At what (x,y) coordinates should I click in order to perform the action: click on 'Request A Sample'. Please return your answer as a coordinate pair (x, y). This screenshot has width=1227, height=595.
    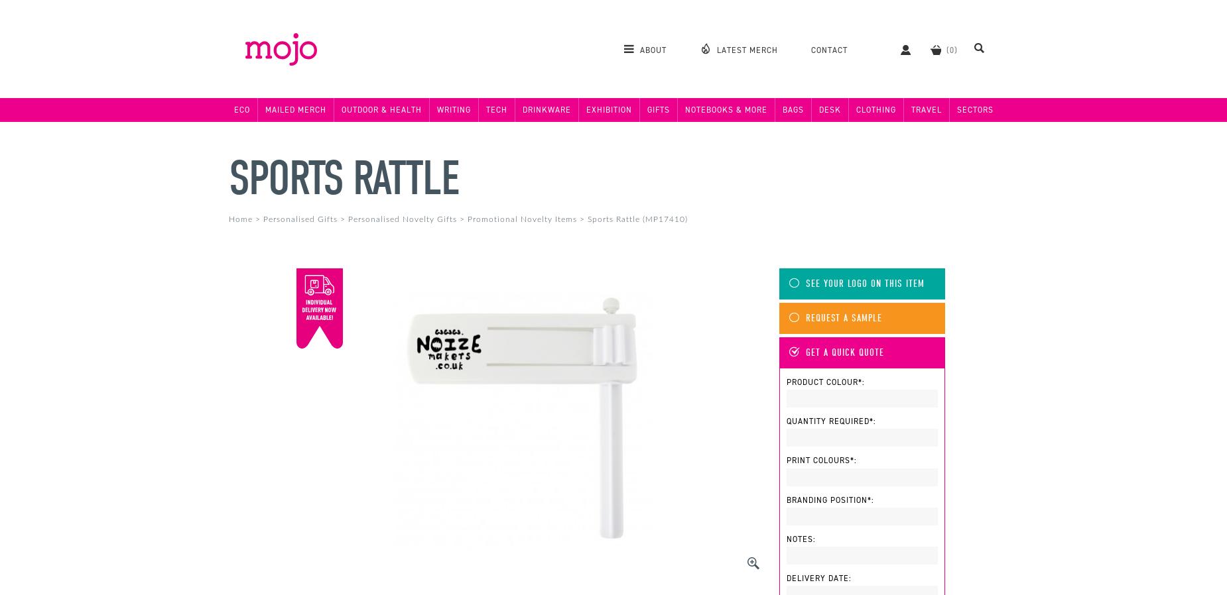
    Looking at the image, I should click on (843, 317).